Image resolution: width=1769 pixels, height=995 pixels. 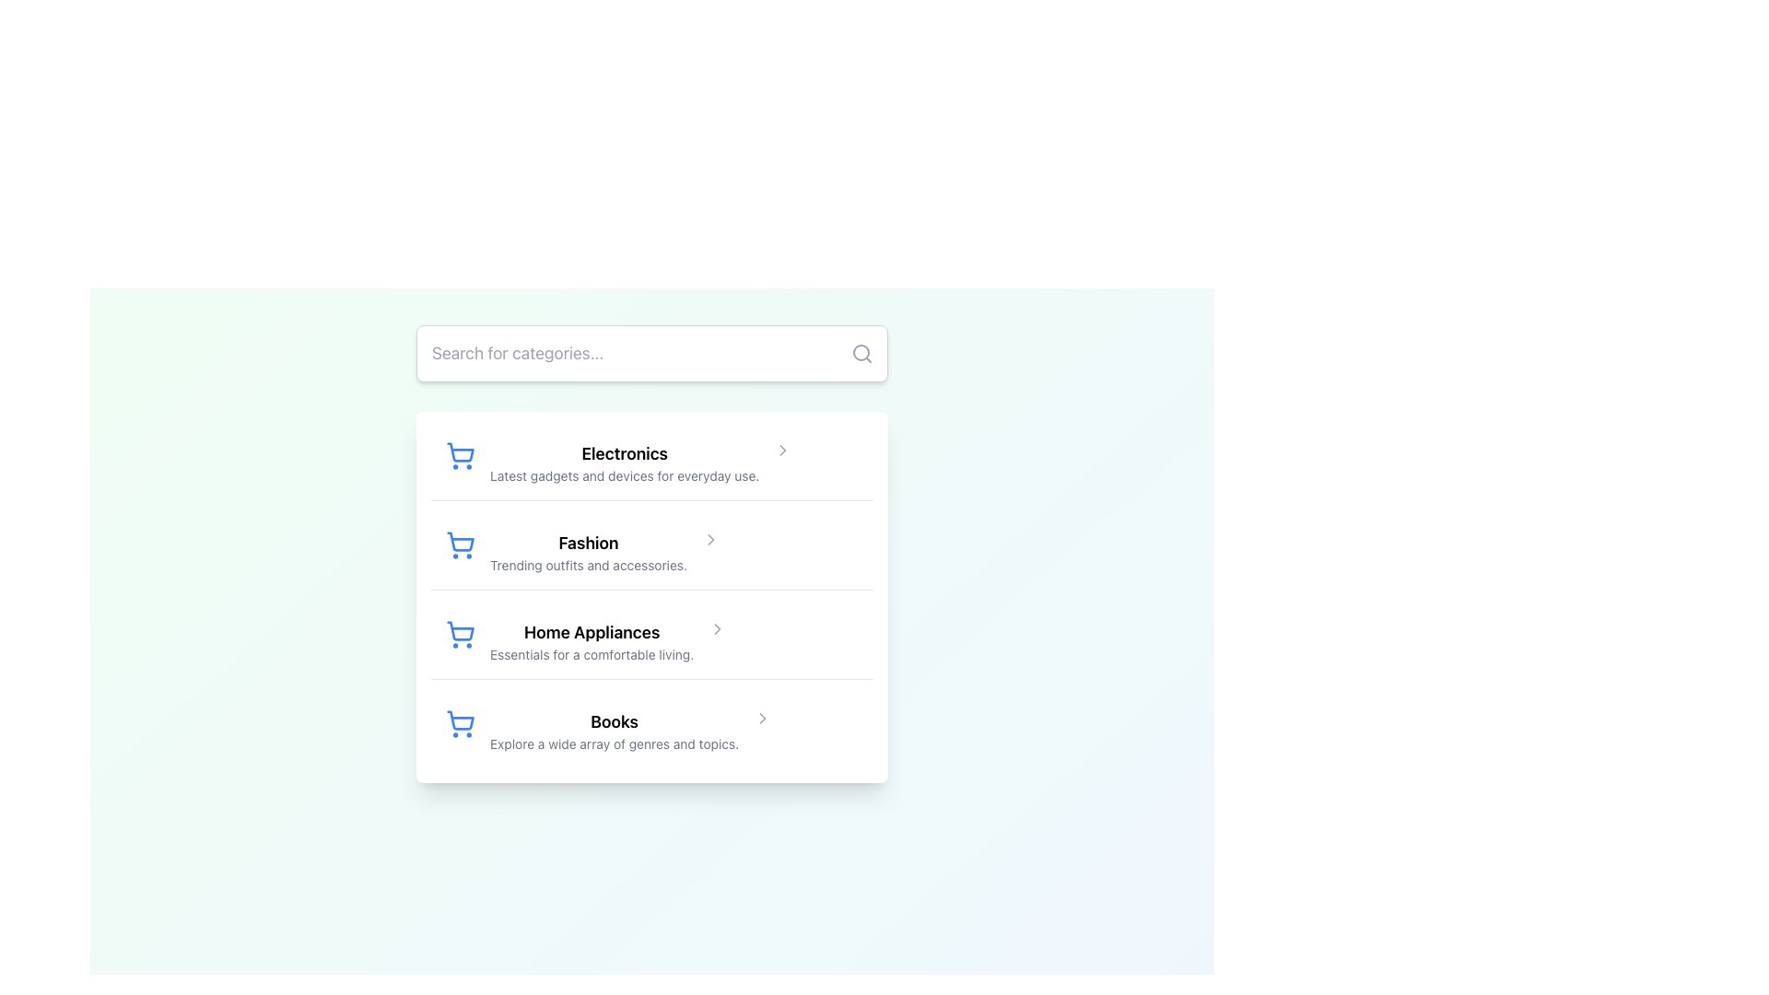 What do you see at coordinates (461, 630) in the screenshot?
I see `the blue shopping cart icon next to the 'Home Appliances' text in the vertical list of categories` at bounding box center [461, 630].